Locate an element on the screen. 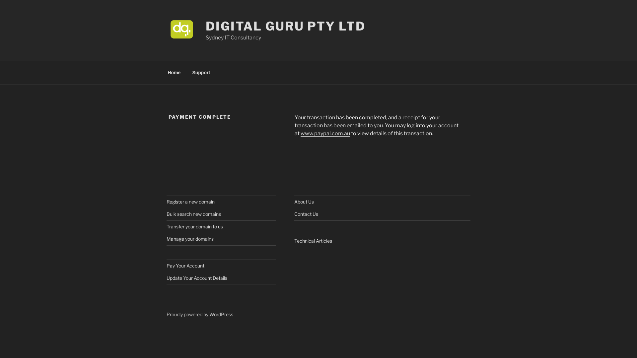 This screenshot has width=637, height=358. 'Register a new domain' is located at coordinates (167, 201).